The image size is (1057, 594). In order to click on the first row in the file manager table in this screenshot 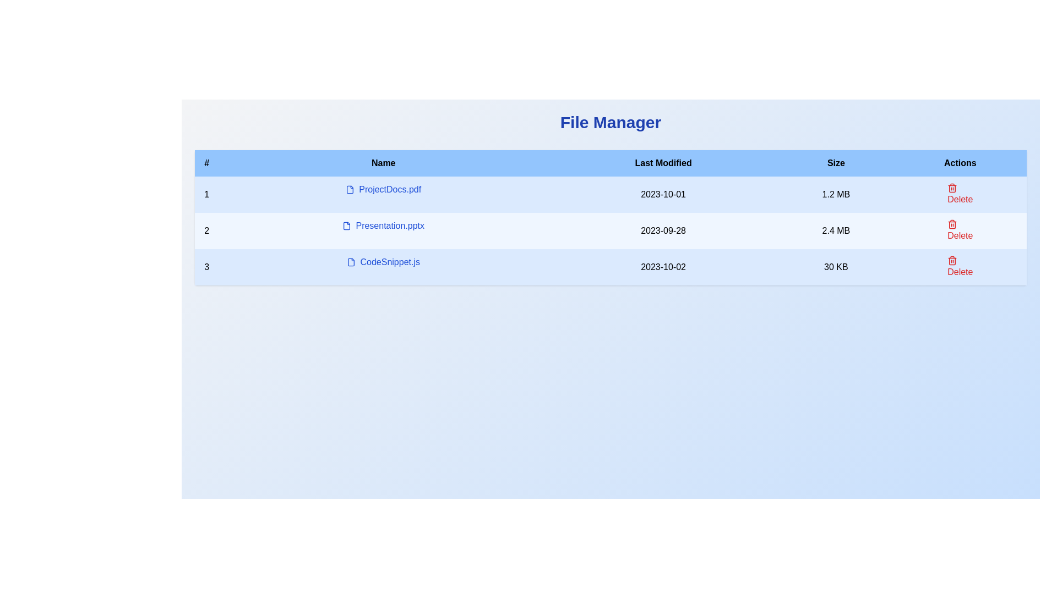, I will do `click(610, 194)`.